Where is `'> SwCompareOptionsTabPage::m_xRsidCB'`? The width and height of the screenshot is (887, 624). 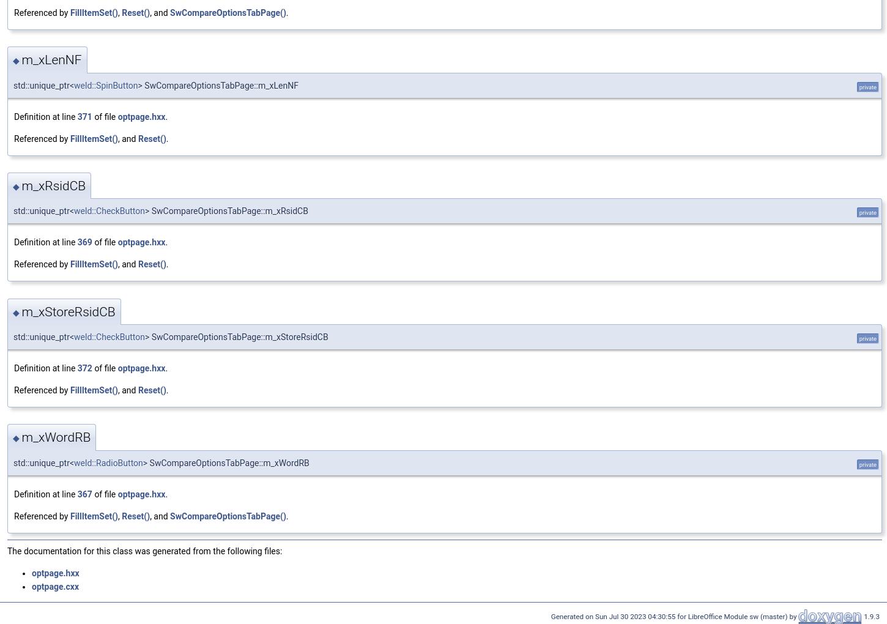
'> SwCompareOptionsTabPage::m_xRsidCB' is located at coordinates (225, 210).